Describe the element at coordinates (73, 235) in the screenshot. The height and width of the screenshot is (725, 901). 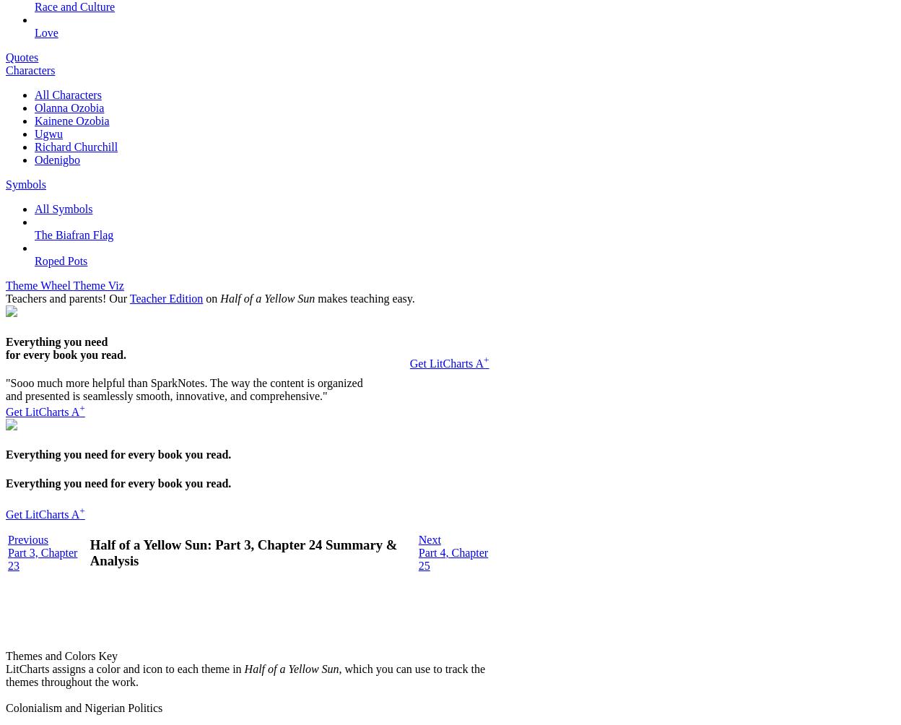
I see `'The Biafran Flag'` at that location.